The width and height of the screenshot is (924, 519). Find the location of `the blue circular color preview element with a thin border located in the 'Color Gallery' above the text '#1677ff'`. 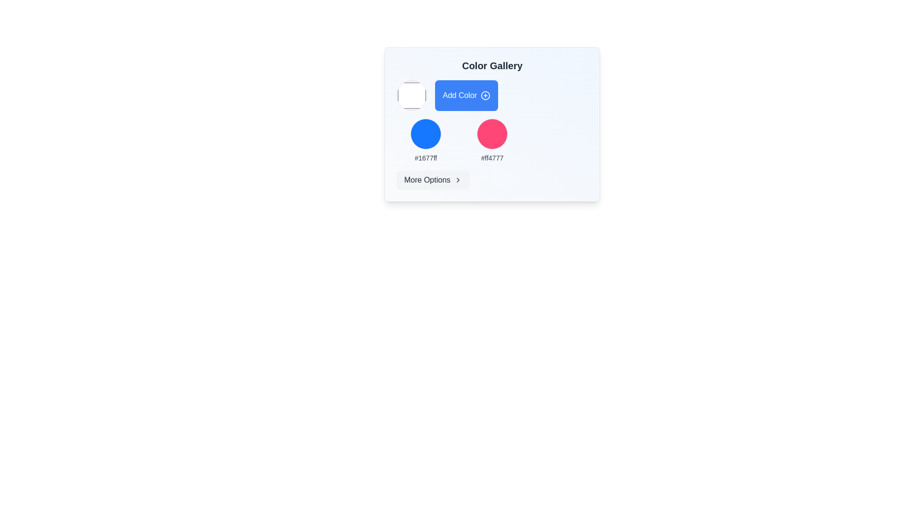

the blue circular color preview element with a thin border located in the 'Color Gallery' above the text '#1677ff' is located at coordinates (425, 134).